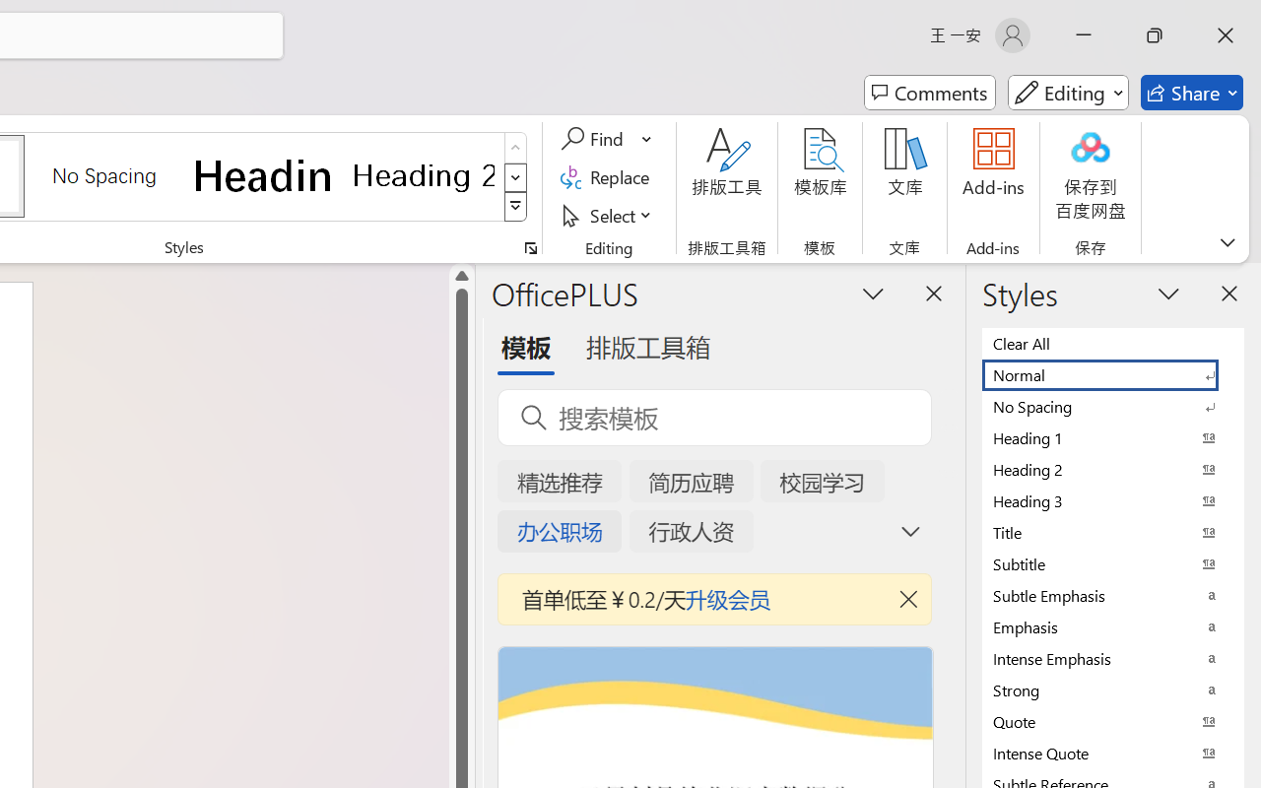 The height and width of the screenshot is (788, 1261). I want to click on 'Quote', so click(1113, 720).